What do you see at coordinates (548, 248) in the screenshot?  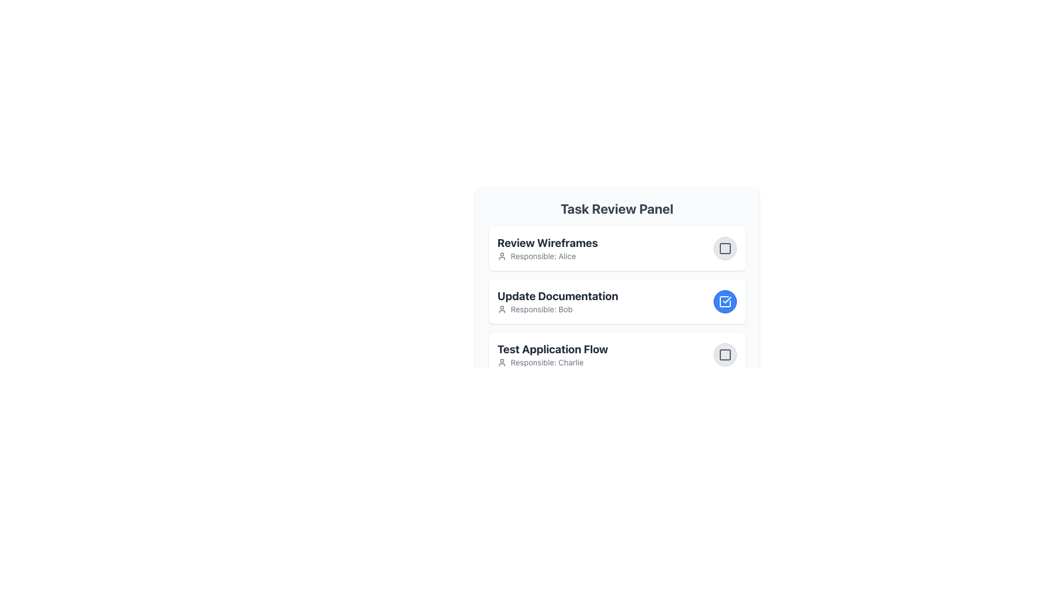 I see `the information on the Task Information Card located at the top of the Task Review Panel` at bounding box center [548, 248].